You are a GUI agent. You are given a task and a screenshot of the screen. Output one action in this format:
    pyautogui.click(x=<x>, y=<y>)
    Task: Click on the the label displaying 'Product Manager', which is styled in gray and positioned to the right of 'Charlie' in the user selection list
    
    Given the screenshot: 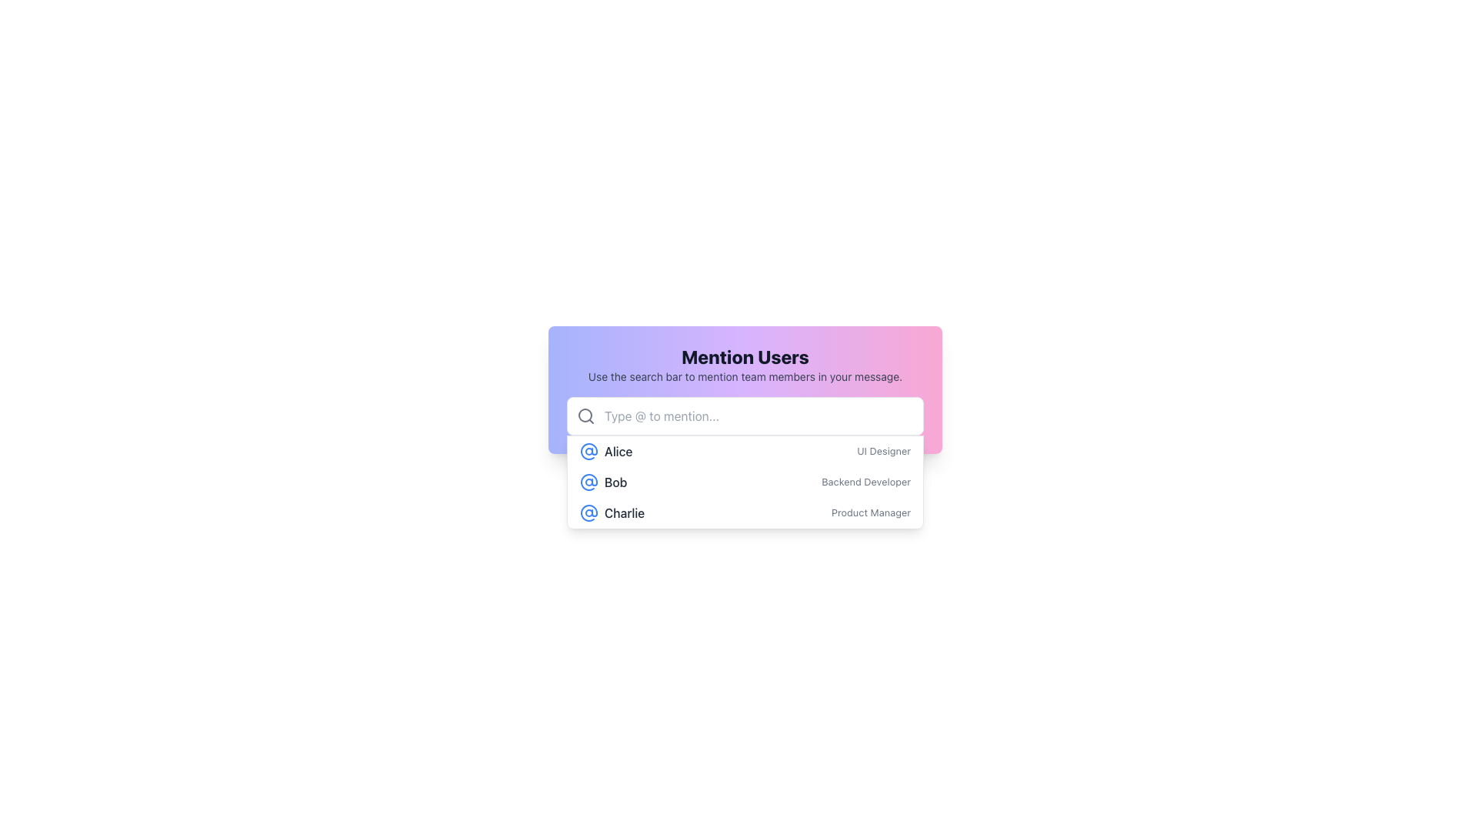 What is the action you would take?
    pyautogui.click(x=871, y=513)
    